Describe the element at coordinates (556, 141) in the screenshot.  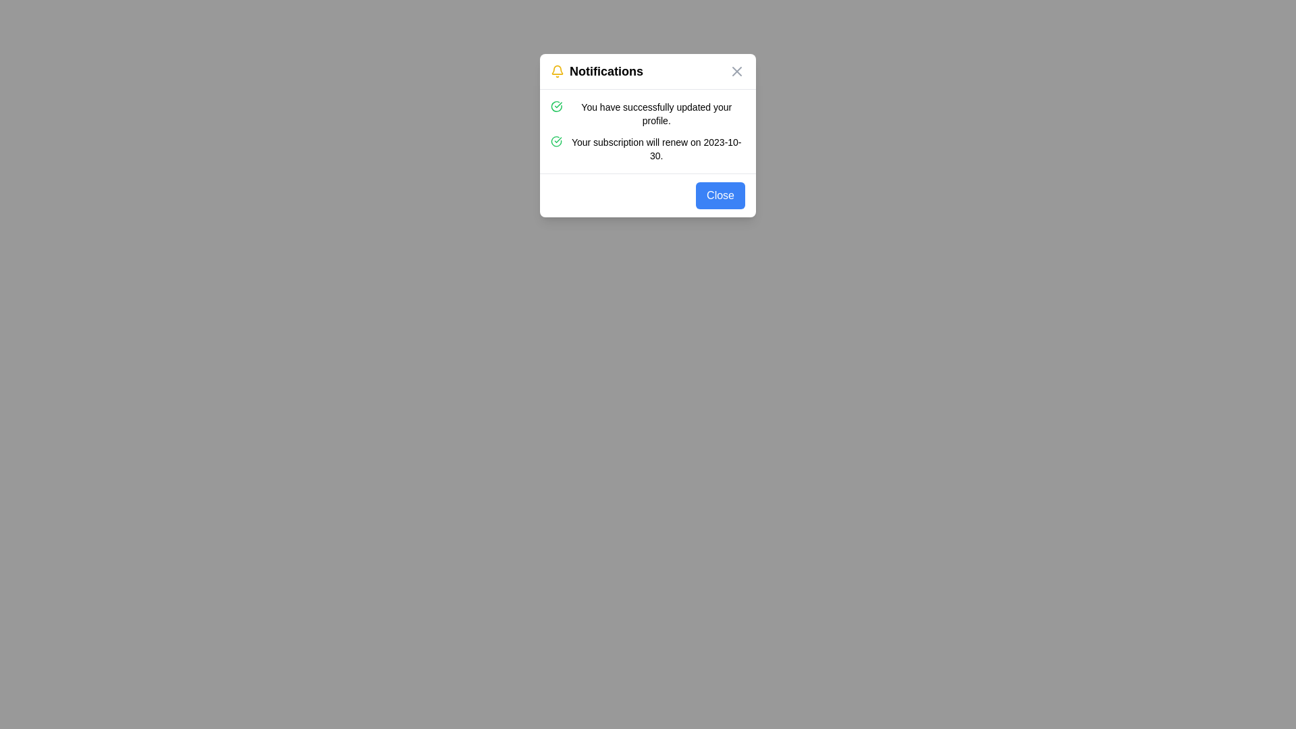
I see `the positive status icon located to the left of the text 'Your subscription will renew on 2023-10-30.'` at that location.